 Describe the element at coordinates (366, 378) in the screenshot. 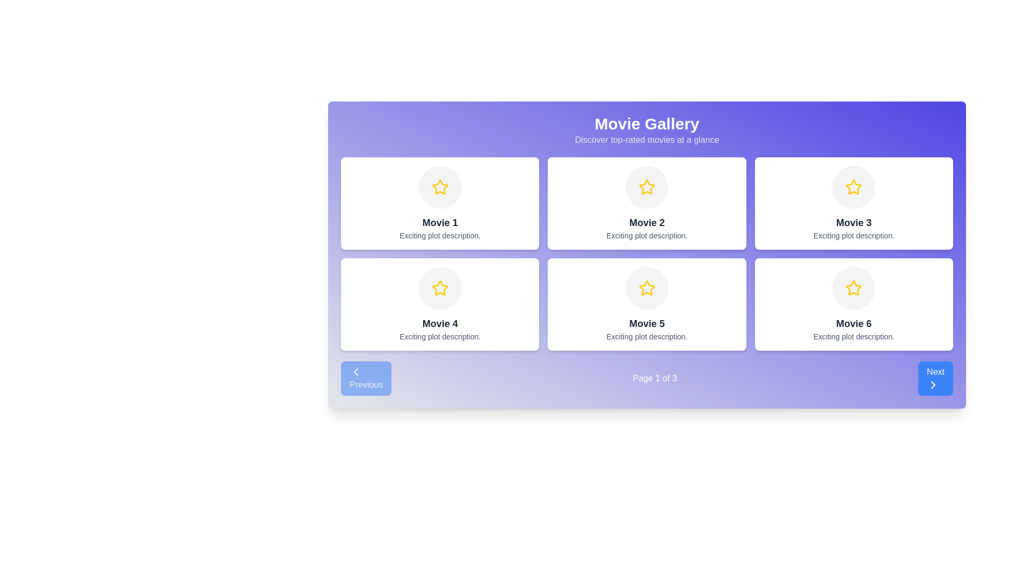

I see `the 'Previous' button located at the bottom left corner of the pagination controls, which allows navigation to the previous page` at that location.